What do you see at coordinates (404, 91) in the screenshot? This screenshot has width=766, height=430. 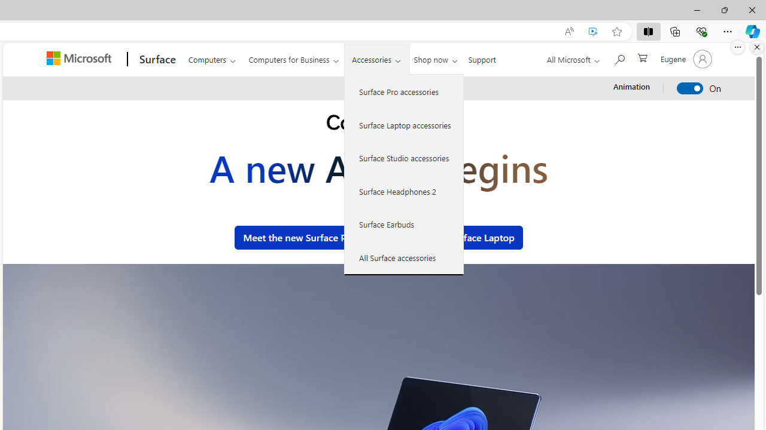 I see `'Surface Pro accessories'` at bounding box center [404, 91].